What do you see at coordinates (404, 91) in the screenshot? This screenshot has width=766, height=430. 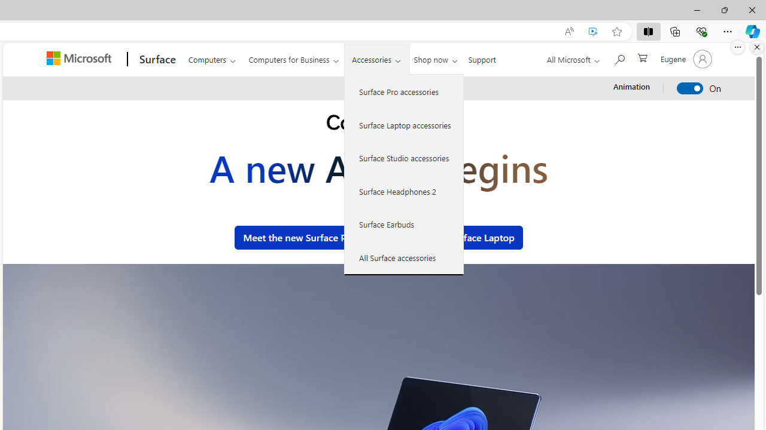 I see `'Surface Pro accessories'` at bounding box center [404, 91].